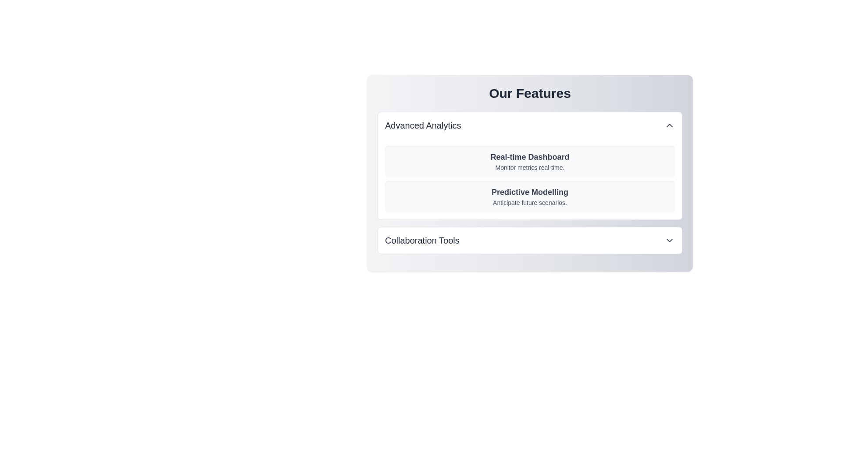  Describe the element at coordinates (669, 125) in the screenshot. I see `the upward-pointing Chevron Icon located on the far-right side of the 'Advanced Analytics' section header` at that location.